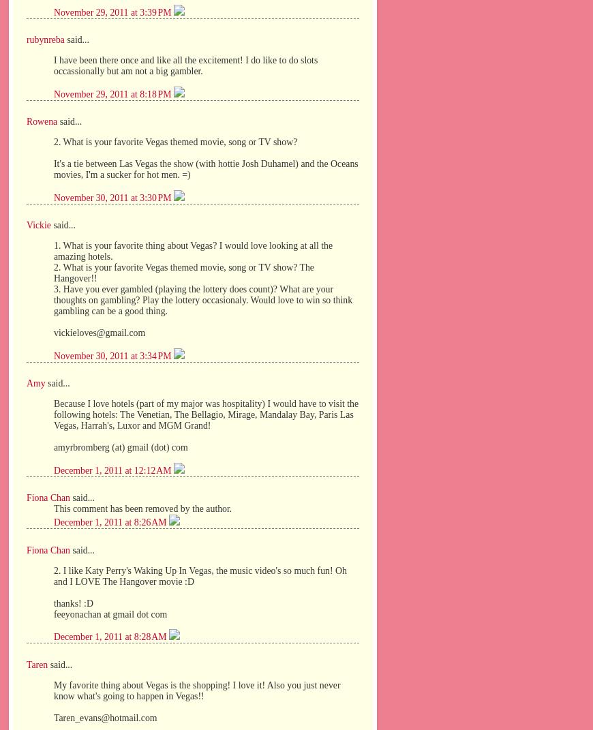 This screenshot has width=593, height=730. What do you see at coordinates (197, 690) in the screenshot?
I see `'My favorite thing about Vegas is the shopping! I love it! Also you just never know what's going to happen in Vegas!!'` at bounding box center [197, 690].